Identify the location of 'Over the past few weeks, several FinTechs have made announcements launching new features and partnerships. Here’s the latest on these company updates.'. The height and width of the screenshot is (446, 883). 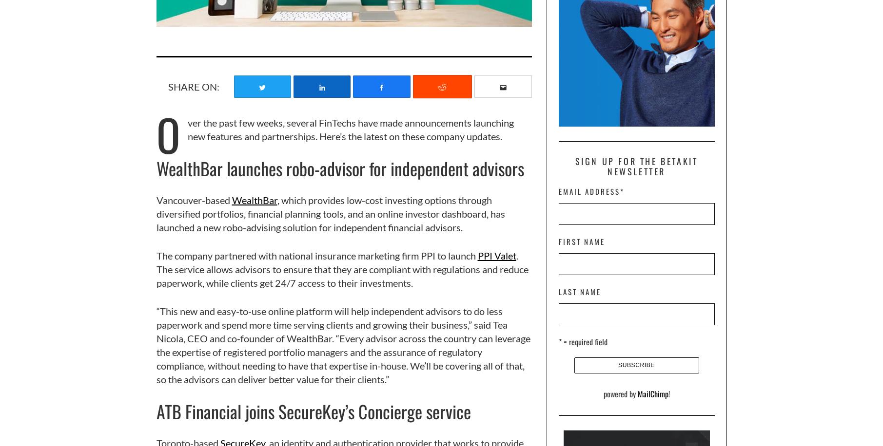
(334, 134).